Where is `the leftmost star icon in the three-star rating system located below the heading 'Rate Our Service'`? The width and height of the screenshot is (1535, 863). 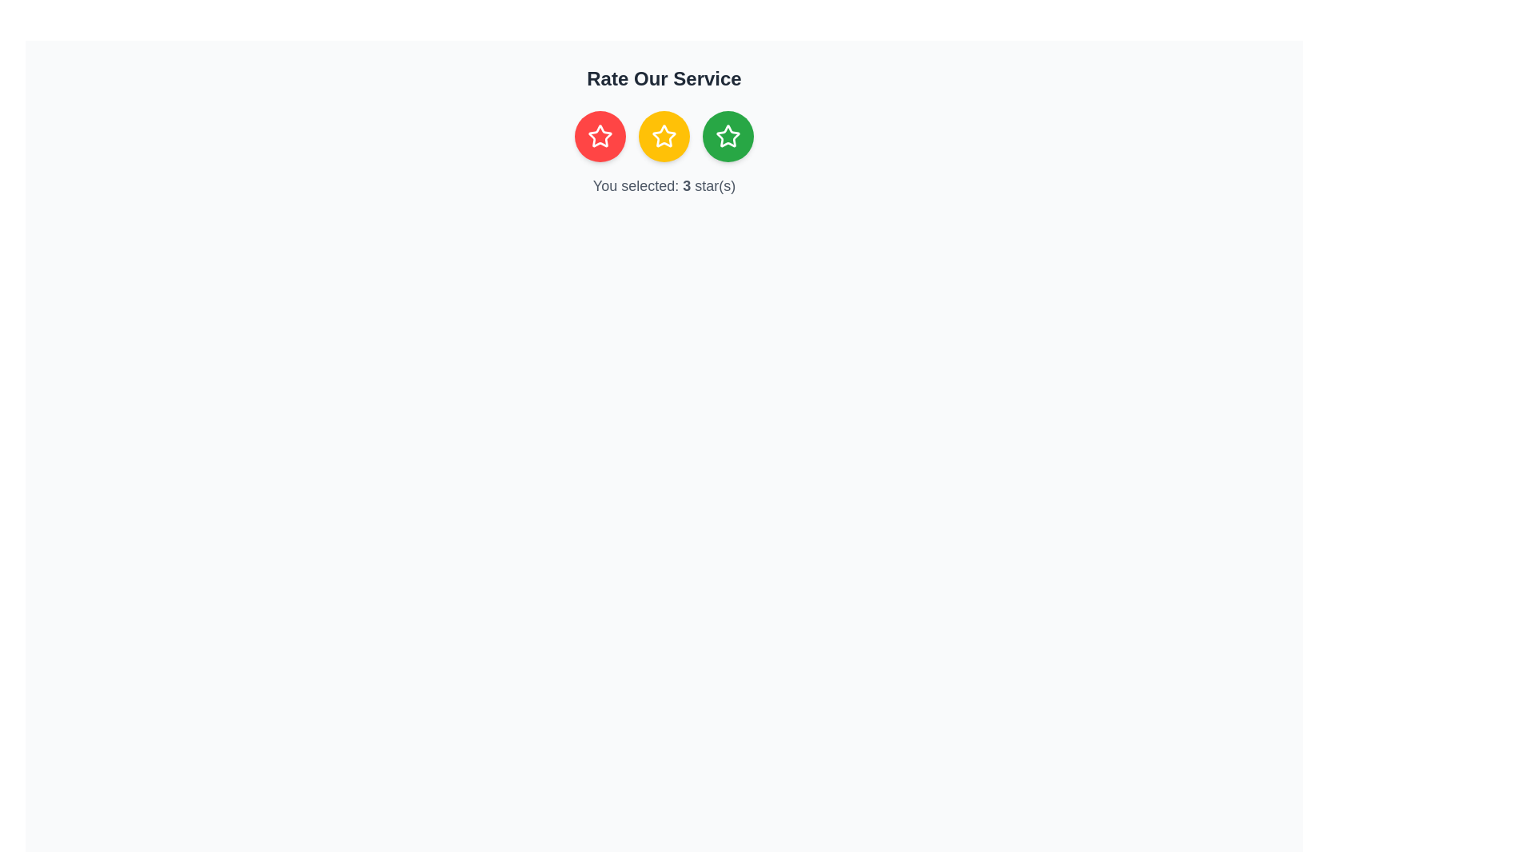 the leftmost star icon in the three-star rating system located below the heading 'Rate Our Service' is located at coordinates (598, 134).